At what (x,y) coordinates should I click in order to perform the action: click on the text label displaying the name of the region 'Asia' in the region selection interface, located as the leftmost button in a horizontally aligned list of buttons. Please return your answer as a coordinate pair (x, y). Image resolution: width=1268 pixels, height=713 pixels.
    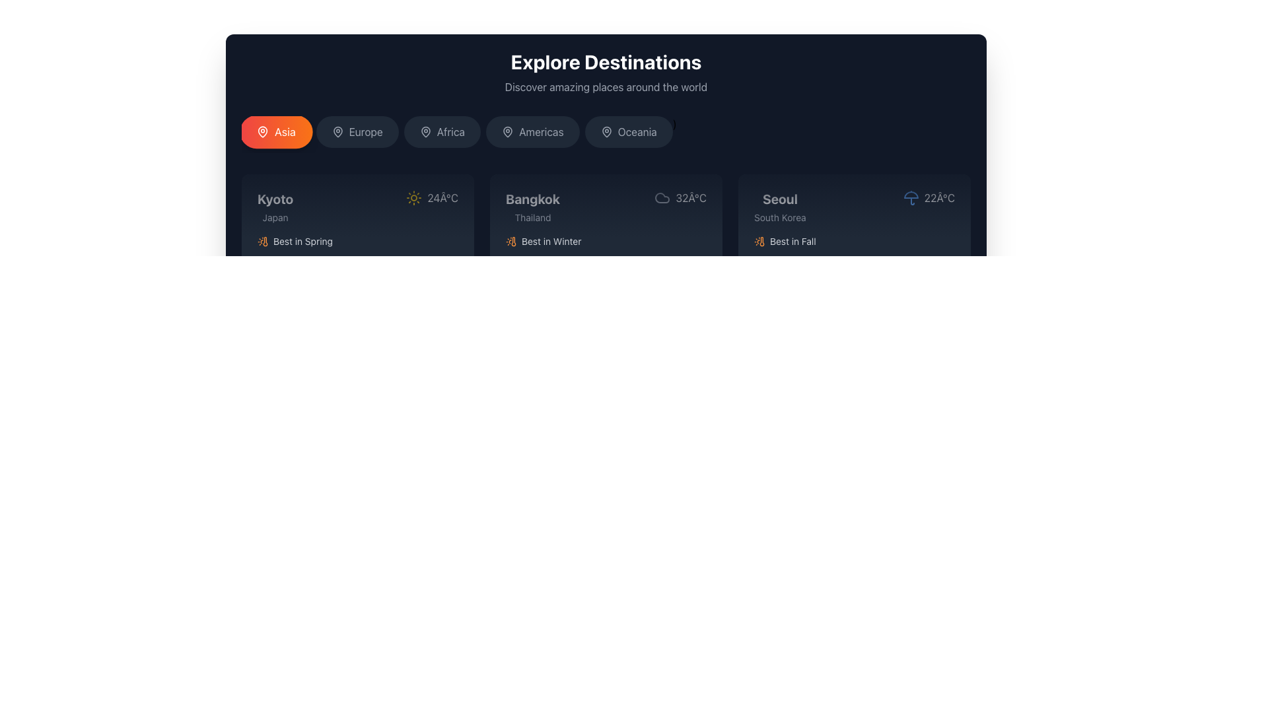
    Looking at the image, I should click on (285, 132).